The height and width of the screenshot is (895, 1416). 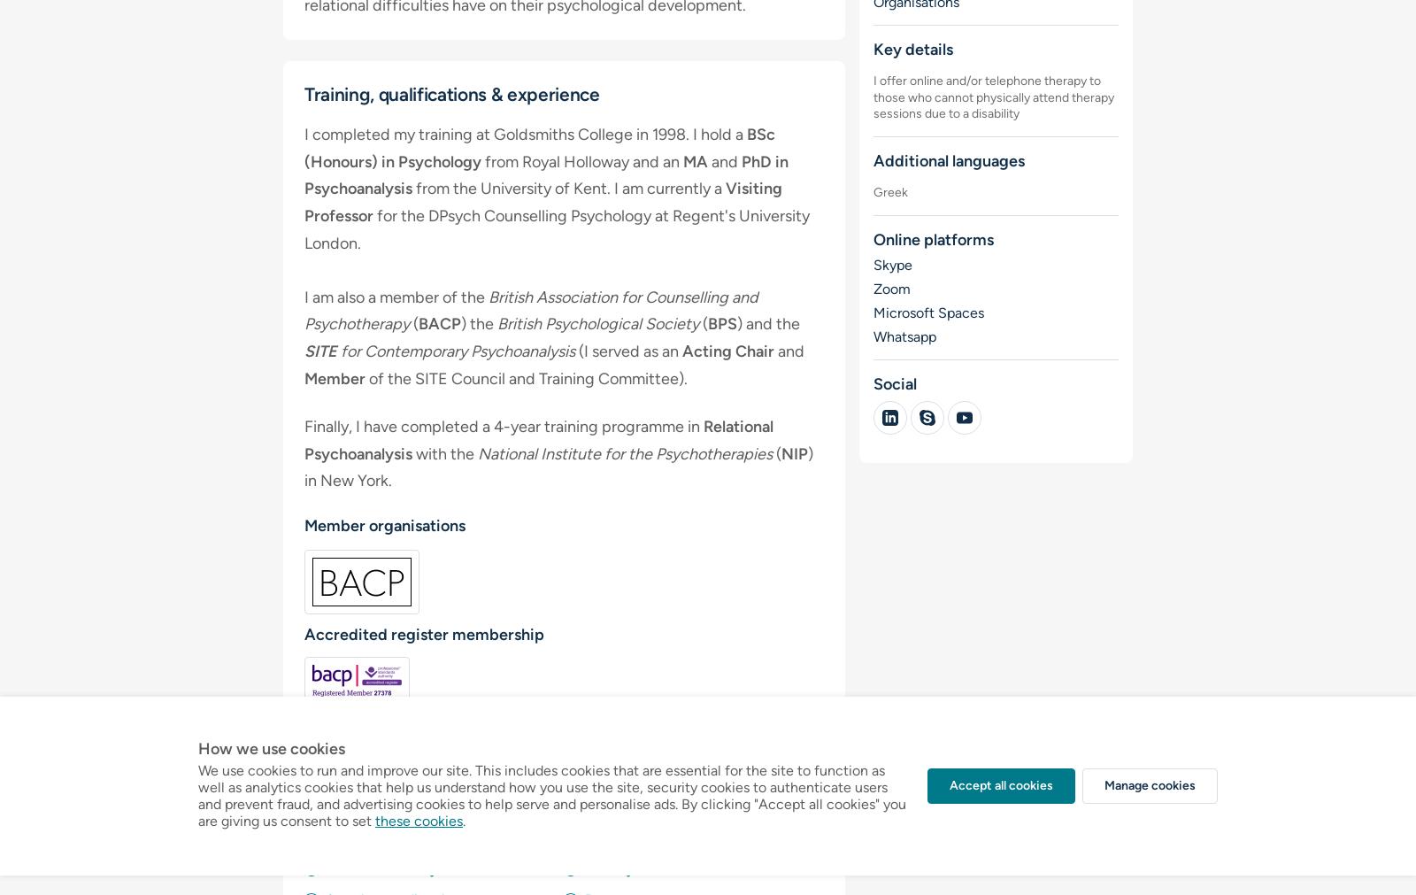 I want to click on 'Training, qualifications & experience', so click(x=450, y=93).